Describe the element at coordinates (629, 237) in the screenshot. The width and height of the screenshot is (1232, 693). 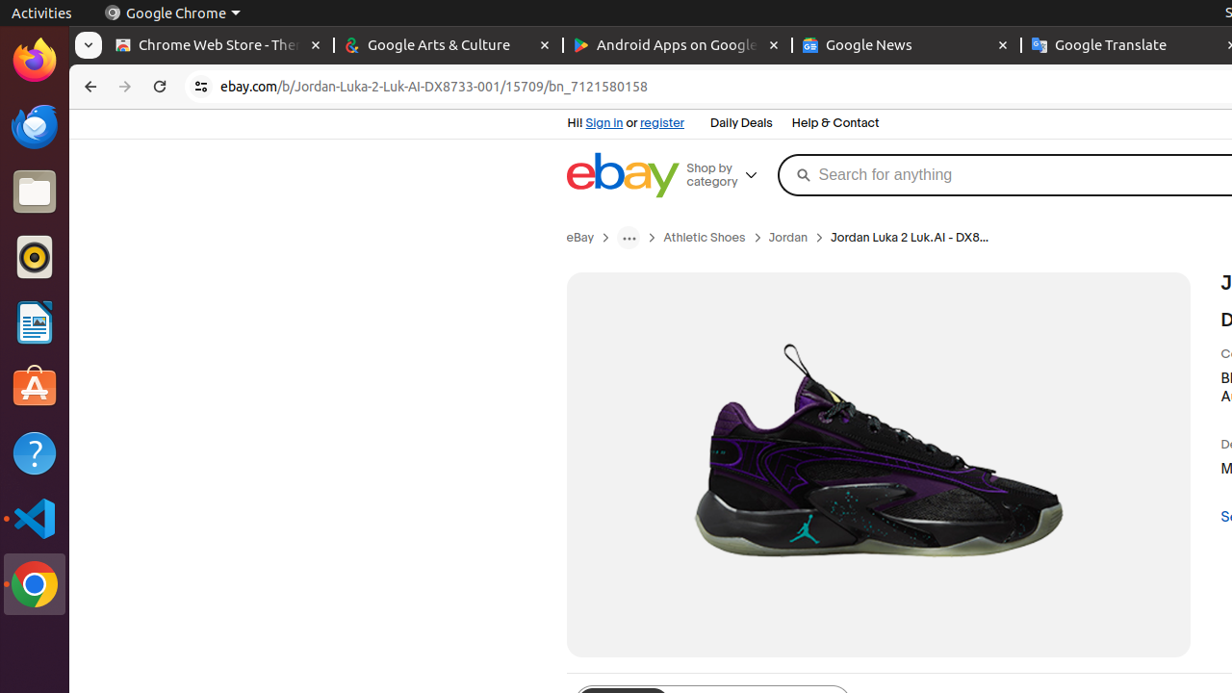
I see `'breadcrumb menu'` at that location.